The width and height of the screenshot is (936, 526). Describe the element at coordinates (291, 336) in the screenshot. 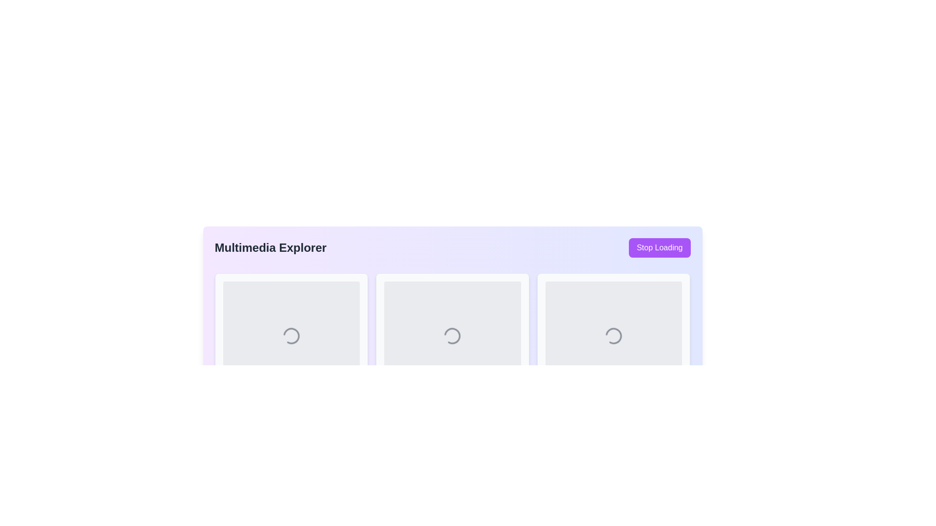

I see `the first spinner loader in the 'Multimedia Explorer' interface, which is a circular segment styled with a light gray gradient stroke indicating motion or progress` at that location.